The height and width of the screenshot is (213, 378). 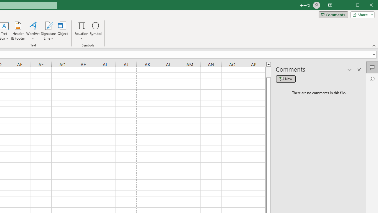 What do you see at coordinates (81, 31) in the screenshot?
I see `'Equation'` at bounding box center [81, 31].